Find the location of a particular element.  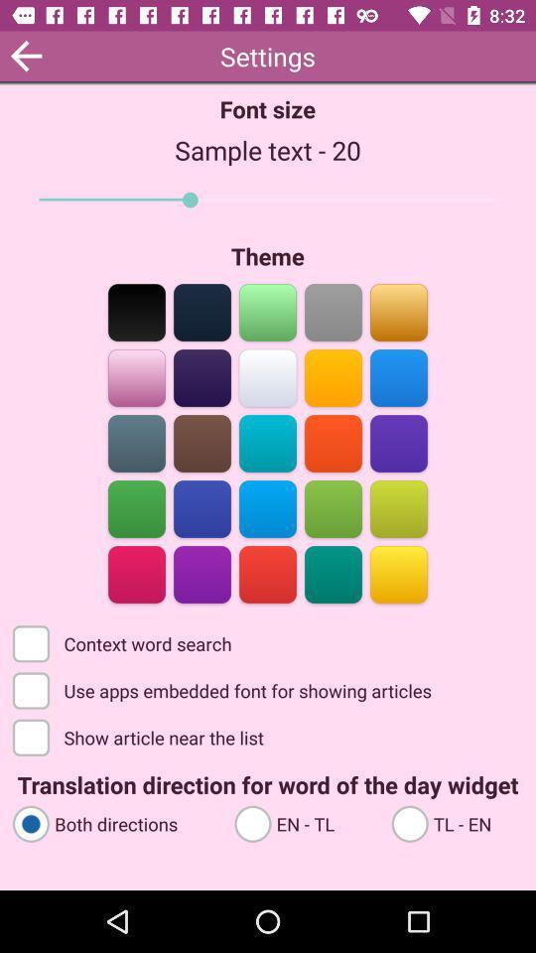

icon below use apps embedded icon is located at coordinates (139, 736).